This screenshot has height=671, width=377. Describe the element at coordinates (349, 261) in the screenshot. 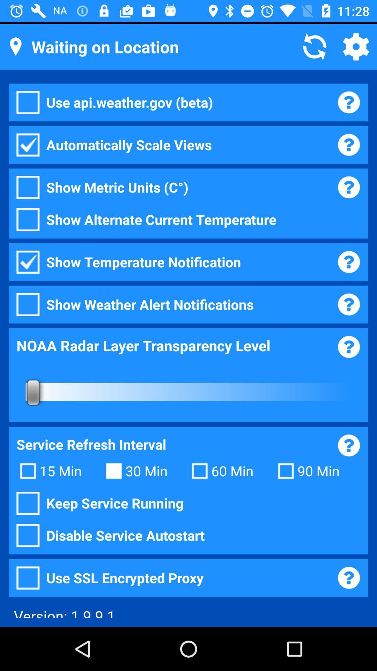

I see `the help icon` at that location.